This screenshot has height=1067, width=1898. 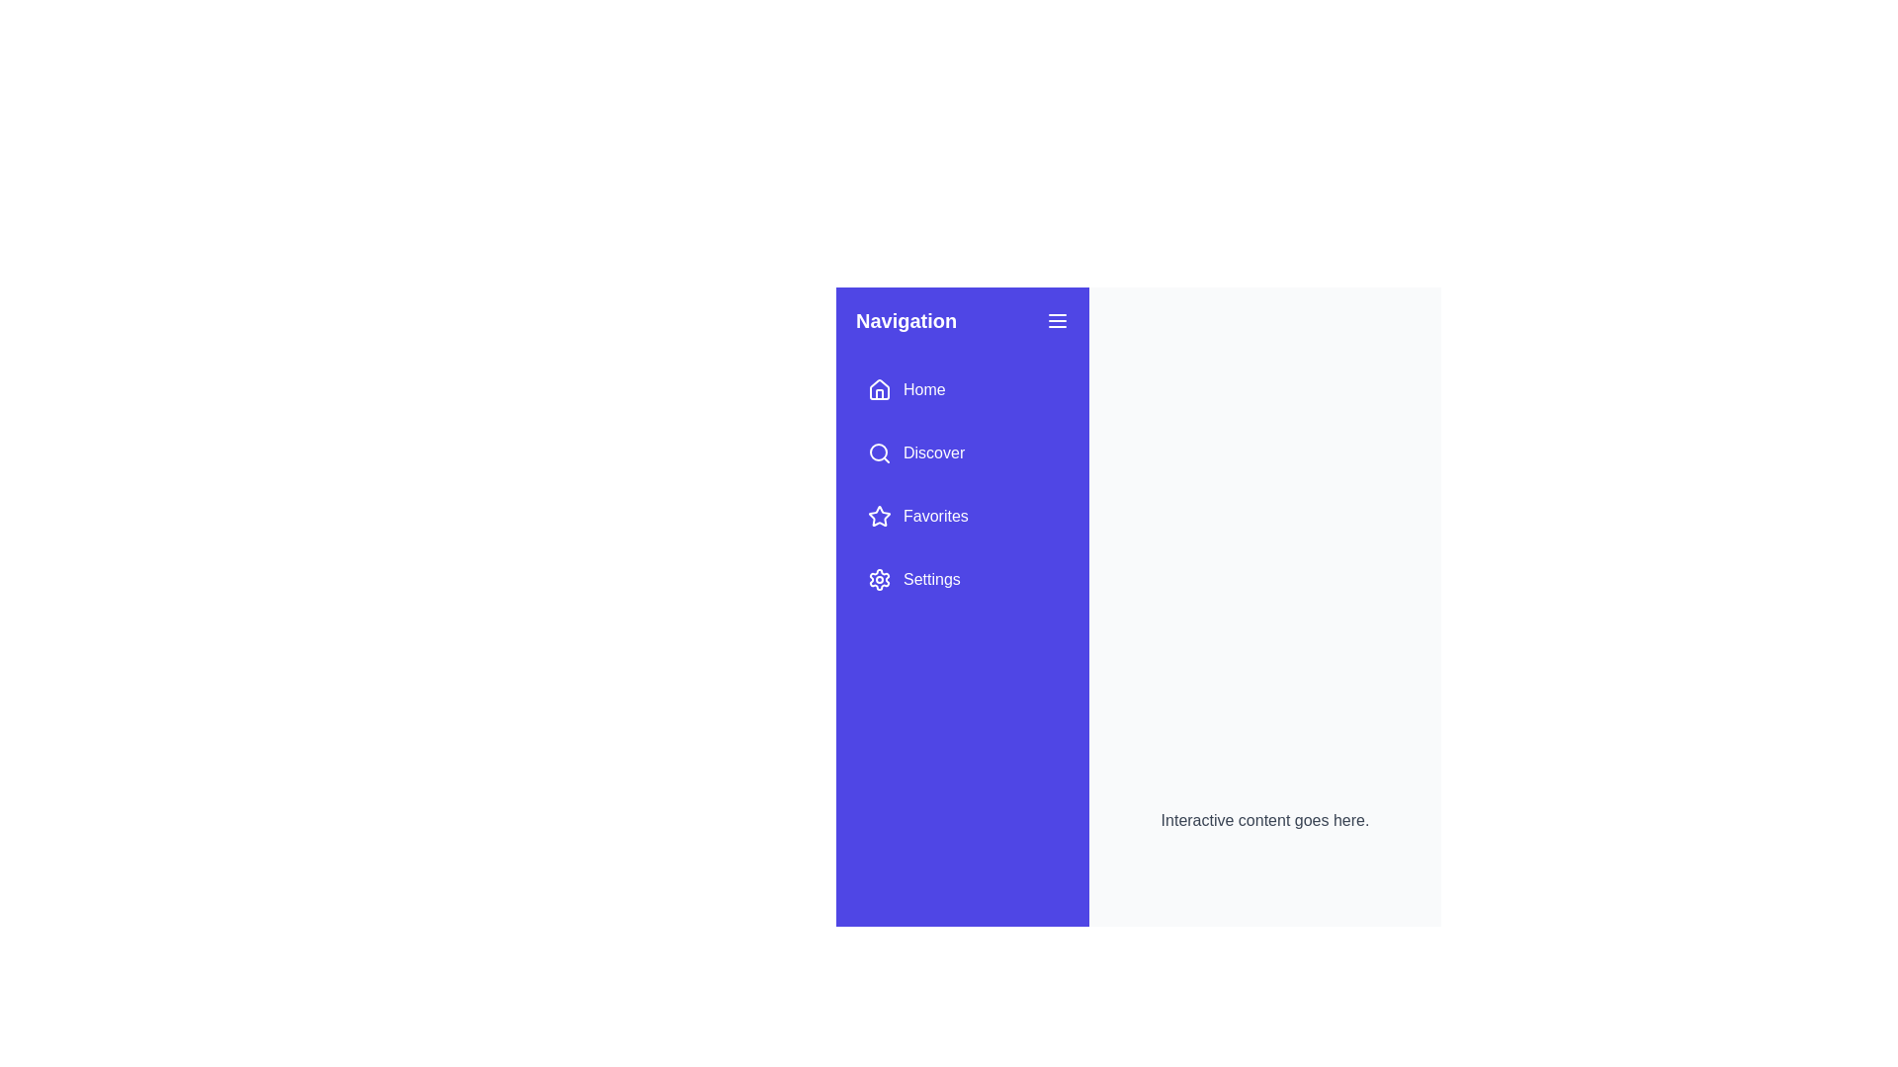 I want to click on the 'Discover' button in the sidebar to navigate to the 'Discover' section, so click(x=914, y=453).